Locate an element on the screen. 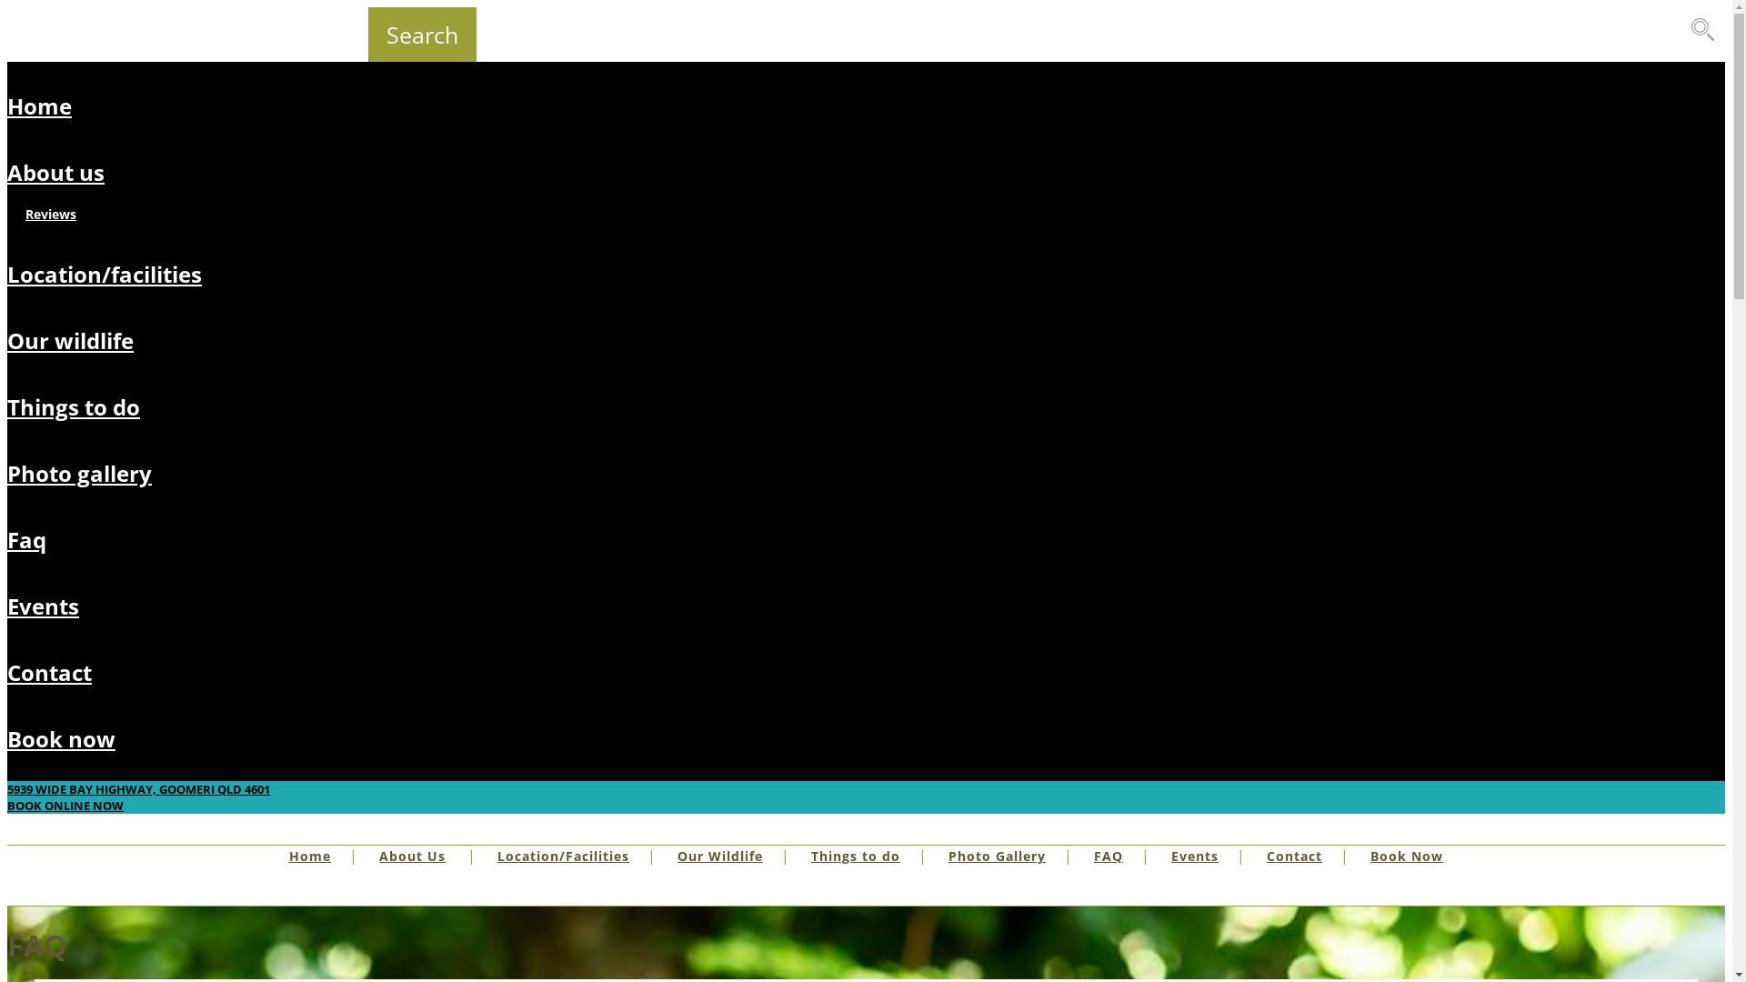 This screenshot has height=982, width=1746. 'faq' is located at coordinates (26, 538).